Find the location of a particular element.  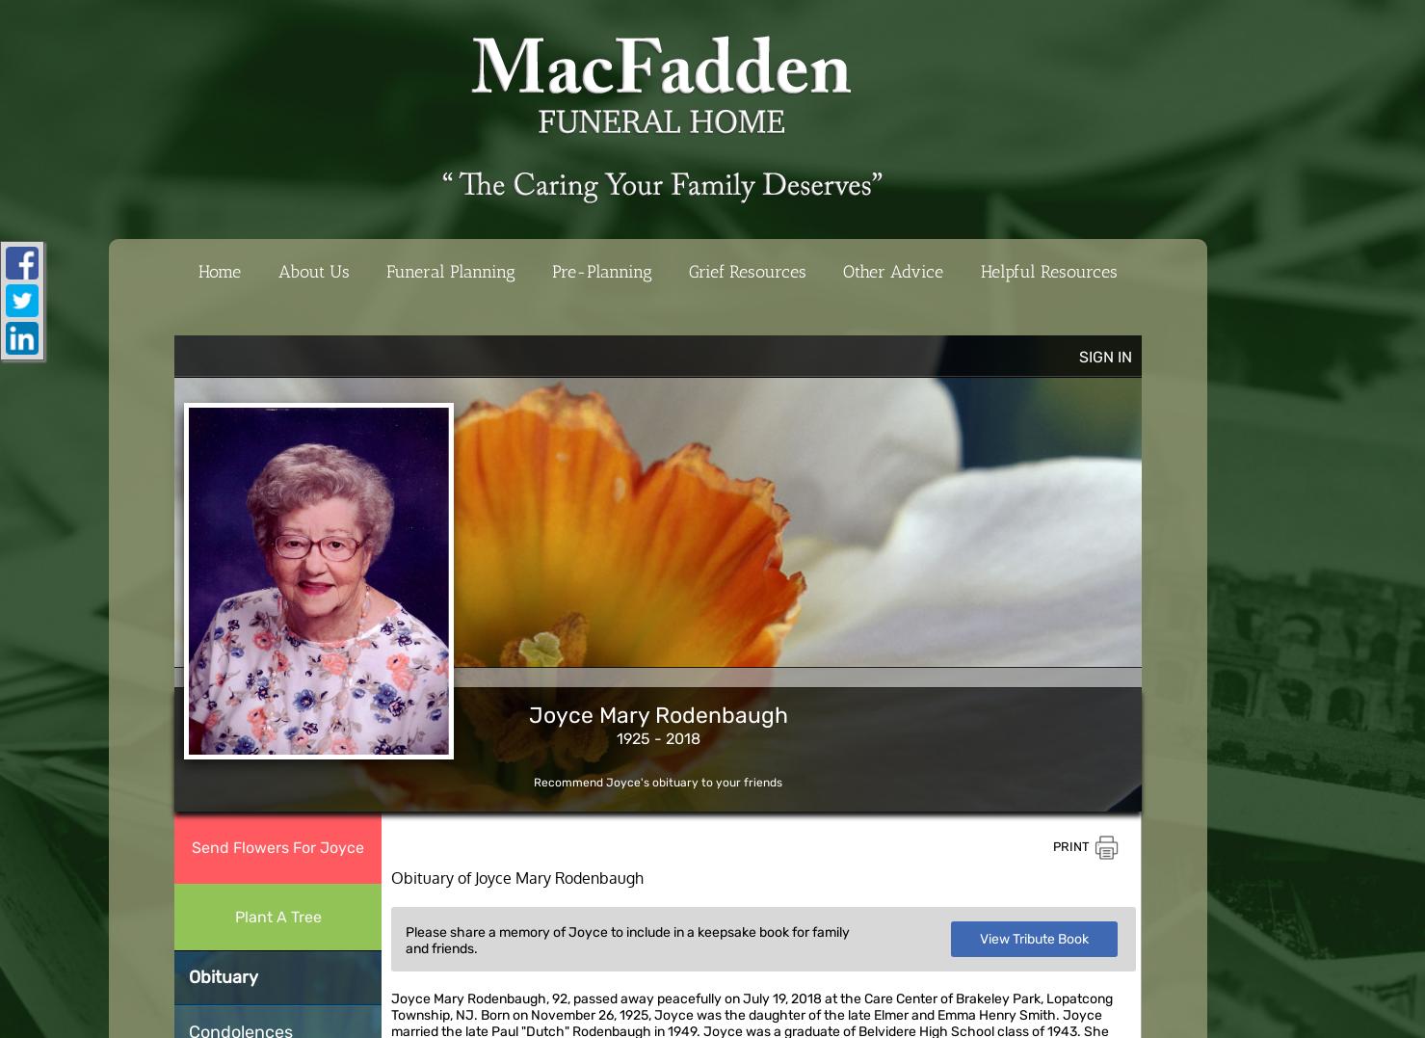

'1925 - 2018' is located at coordinates (657, 736).